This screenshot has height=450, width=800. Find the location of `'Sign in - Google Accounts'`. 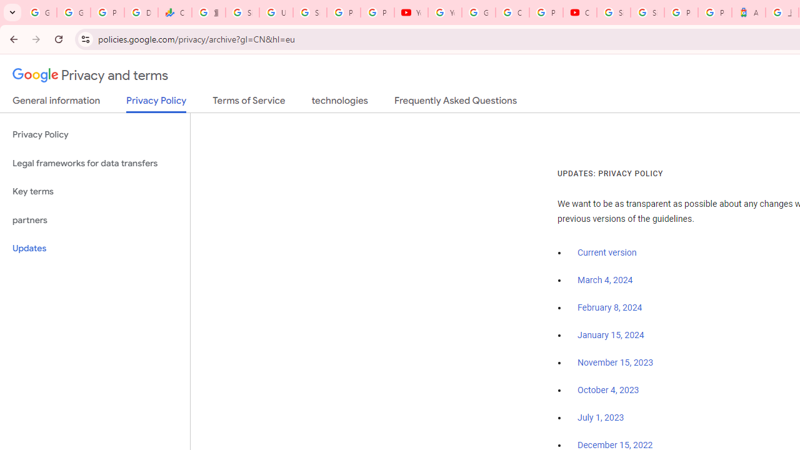

'Sign in - Google Accounts' is located at coordinates (242, 12).